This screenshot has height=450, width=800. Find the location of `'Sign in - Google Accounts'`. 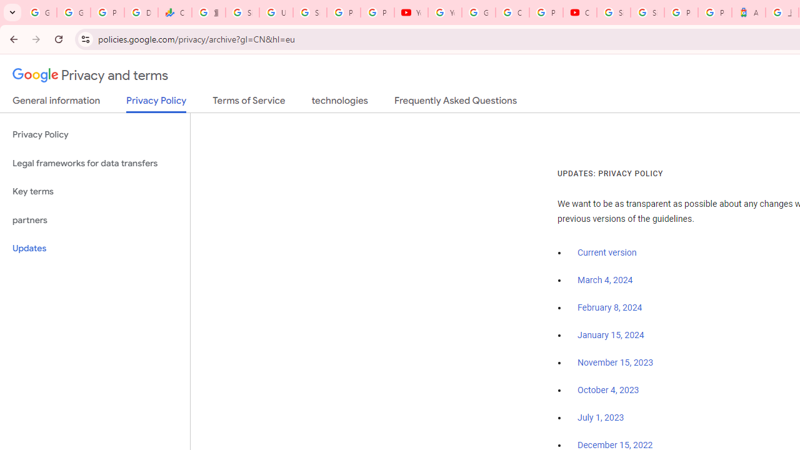

'Sign in - Google Accounts' is located at coordinates (242, 12).